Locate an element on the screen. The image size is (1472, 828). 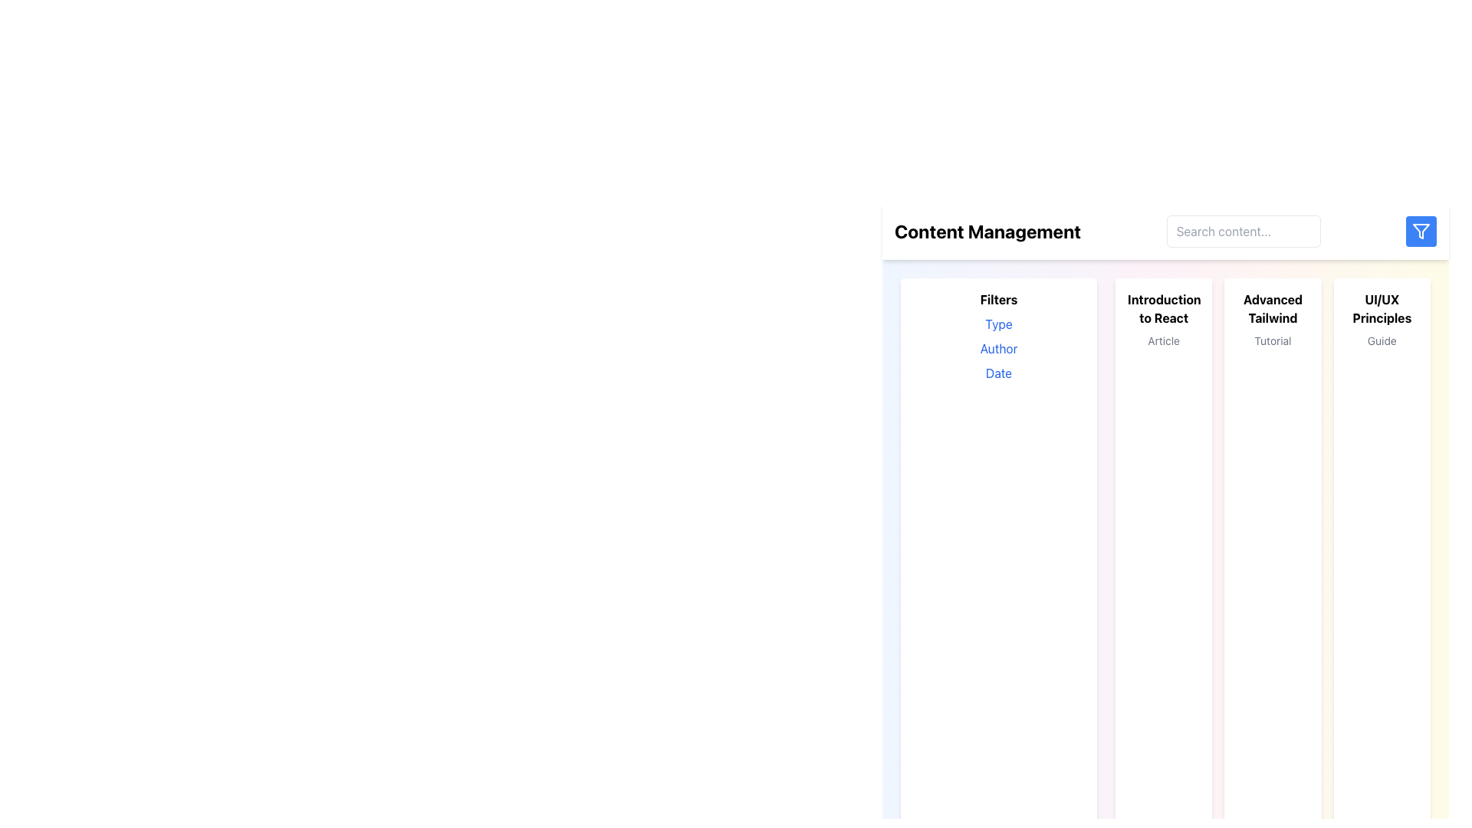
the text label that serves as a heading for the filter section located in the sidebar on the left-hand side of the interface is located at coordinates (998, 299).